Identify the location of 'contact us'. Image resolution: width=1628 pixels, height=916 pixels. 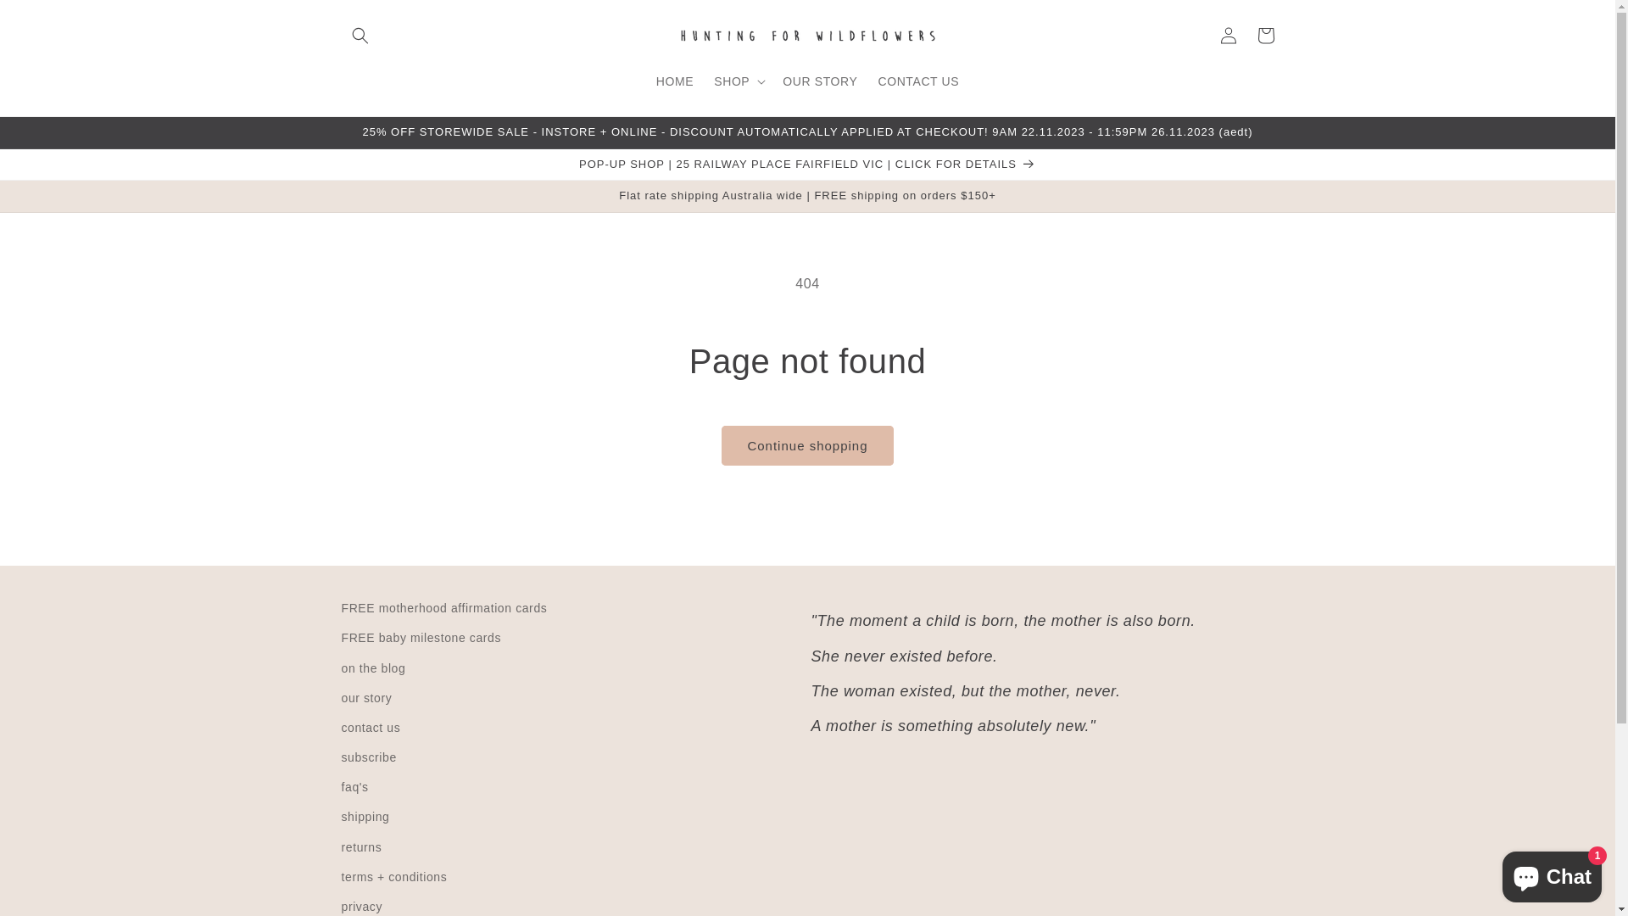
(340, 727).